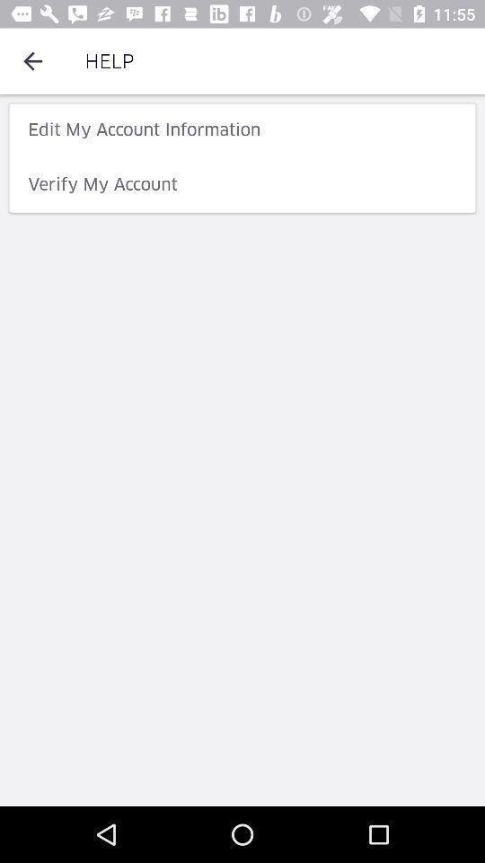  I want to click on icon above the edit my account icon, so click(32, 61).